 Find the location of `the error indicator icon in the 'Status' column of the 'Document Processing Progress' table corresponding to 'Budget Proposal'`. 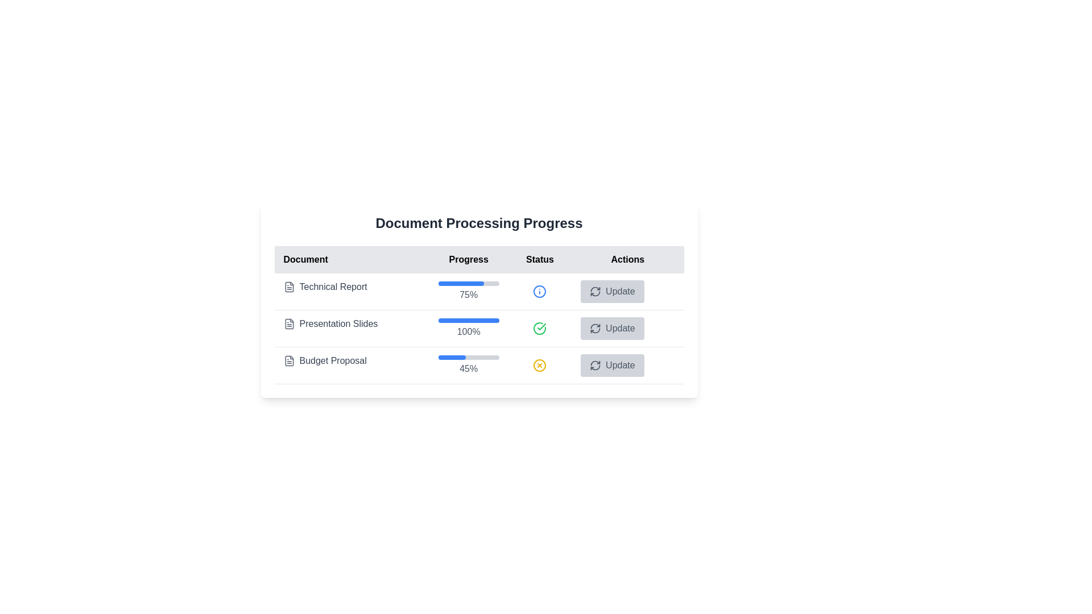

the error indicator icon in the 'Status' column of the 'Document Processing Progress' table corresponding to 'Budget Proposal' is located at coordinates (539, 366).